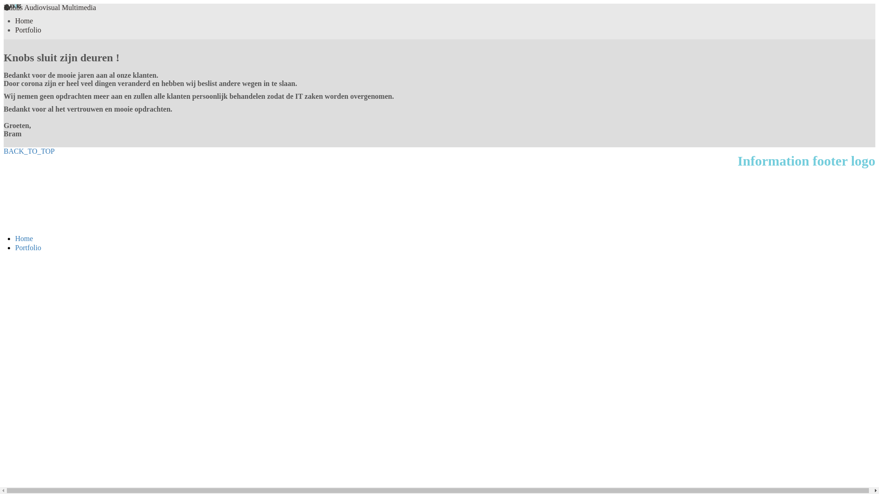  Describe the element at coordinates (49, 7) in the screenshot. I see `'Knobs Audiovisual Multimedia'` at that location.